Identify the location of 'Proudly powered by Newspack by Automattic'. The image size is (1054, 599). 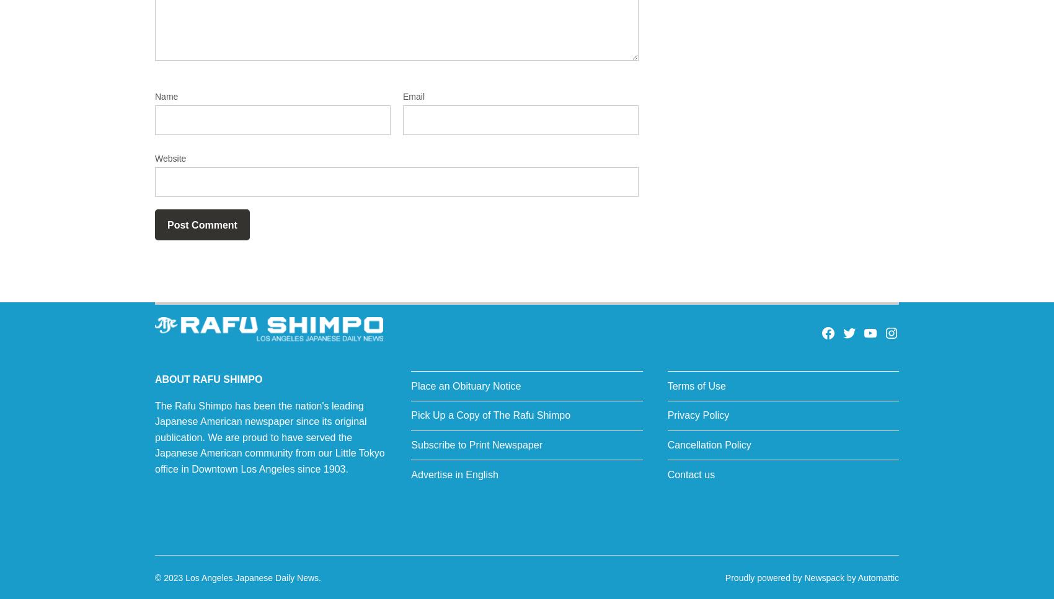
(812, 576).